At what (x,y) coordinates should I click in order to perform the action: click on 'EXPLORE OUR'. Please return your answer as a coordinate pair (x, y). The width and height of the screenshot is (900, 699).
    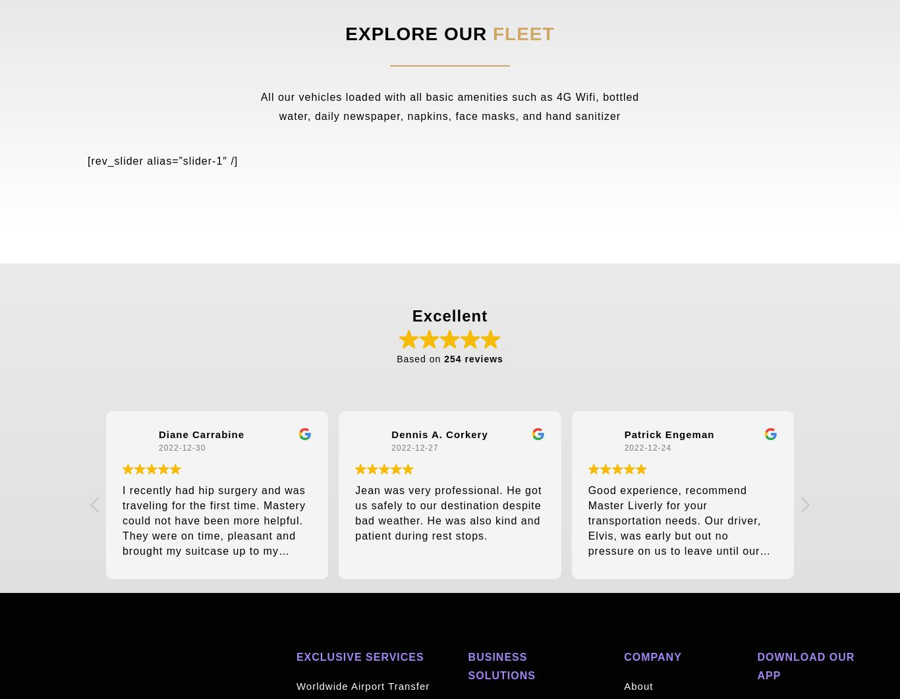
    Looking at the image, I should click on (418, 34).